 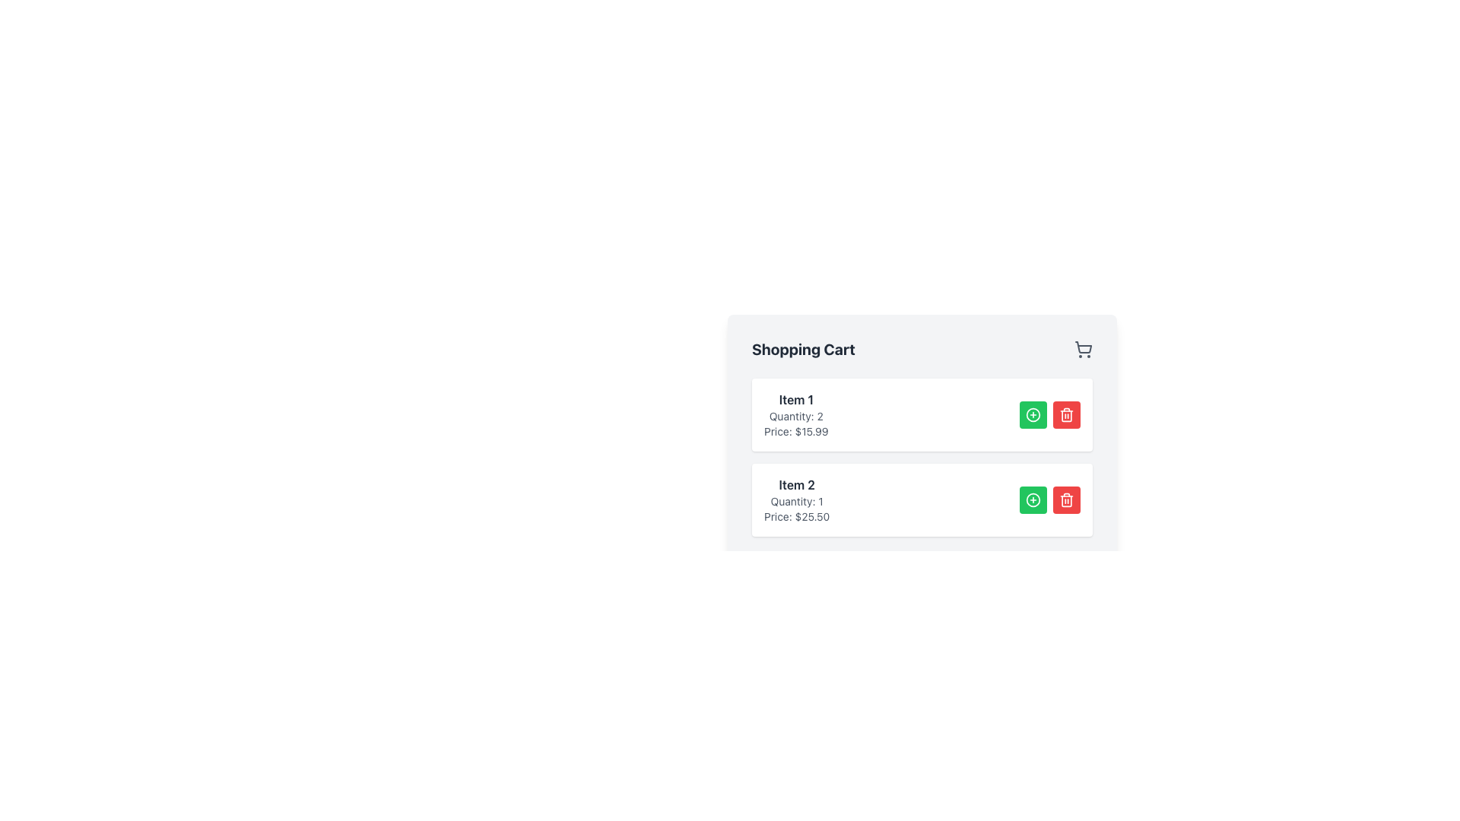 I want to click on the text that denotes the name of the second item in the shopping cart, which is located above the 'Quantity: 1' and 'Price: $25.50' texts, so click(x=796, y=484).